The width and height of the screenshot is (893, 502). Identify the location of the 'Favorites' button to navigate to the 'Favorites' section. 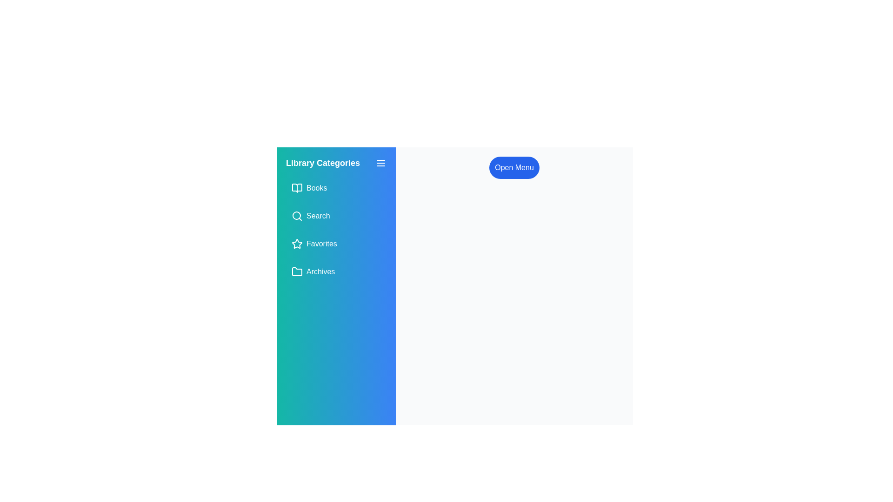
(336, 243).